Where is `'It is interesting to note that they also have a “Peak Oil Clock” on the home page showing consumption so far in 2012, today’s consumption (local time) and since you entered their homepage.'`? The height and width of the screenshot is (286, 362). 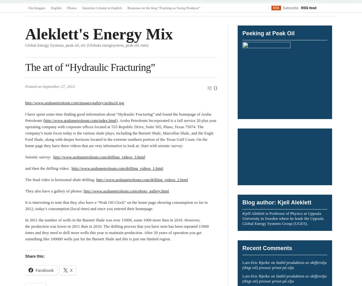
'It is interesting to note that they also have a “Peak Oil Clock” on the home page showing consumption so far in 2012, today’s consumption (local time) and since you entered their homepage.' is located at coordinates (116, 205).